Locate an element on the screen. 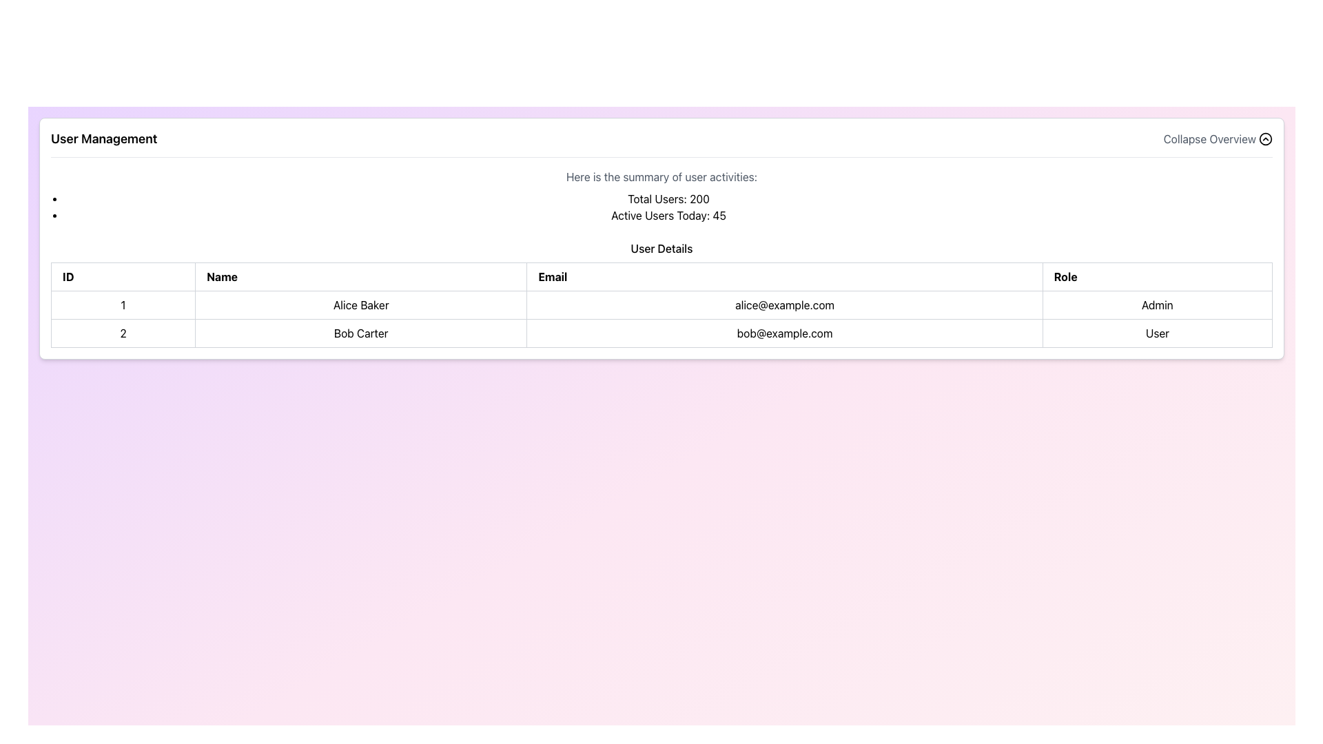 Image resolution: width=1323 pixels, height=744 pixels. the text label displaying the name 'Bob Carter' in the second row of the 'User Details' table under the 'Name' column is located at coordinates (361, 333).